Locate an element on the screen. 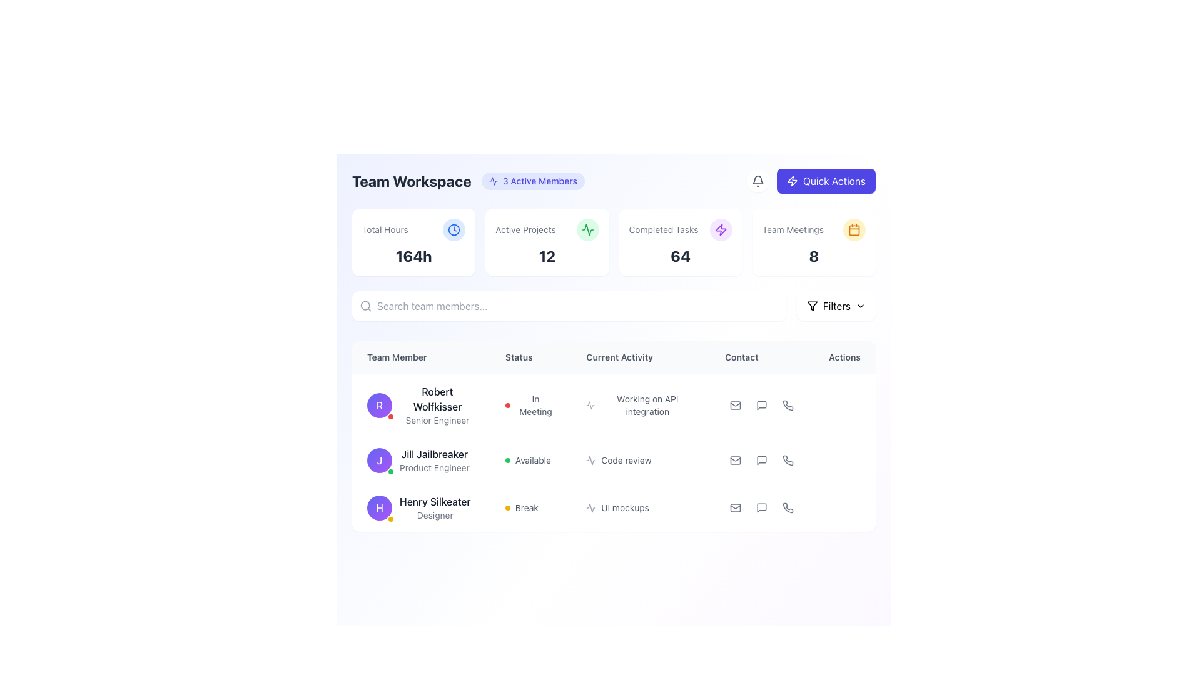  the SVG icon representing the waveform or activity indicator, located to the right of the 'Team Workspace' heading and part of the '3 Active Members' label is located at coordinates (492, 181).